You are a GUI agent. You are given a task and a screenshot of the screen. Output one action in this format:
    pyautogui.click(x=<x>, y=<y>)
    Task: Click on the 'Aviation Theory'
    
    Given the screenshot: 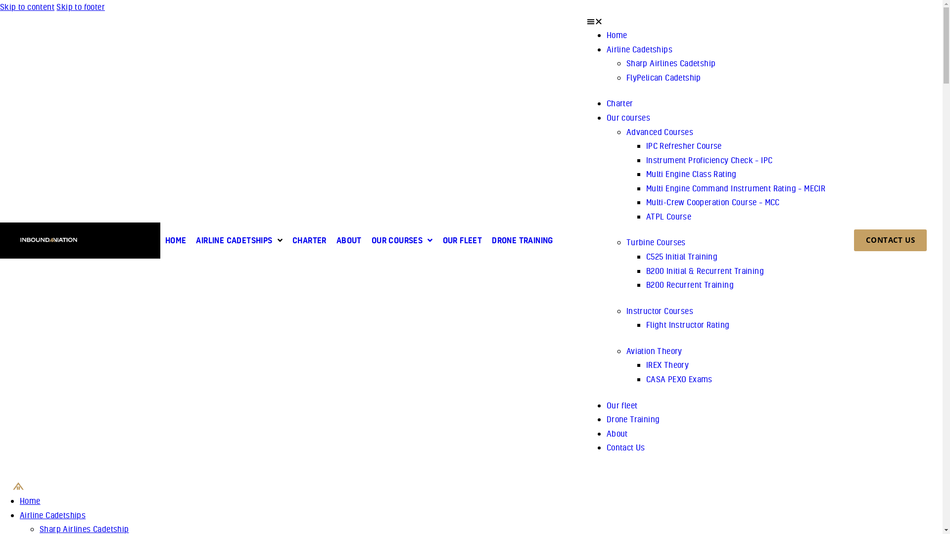 What is the action you would take?
    pyautogui.click(x=654, y=350)
    